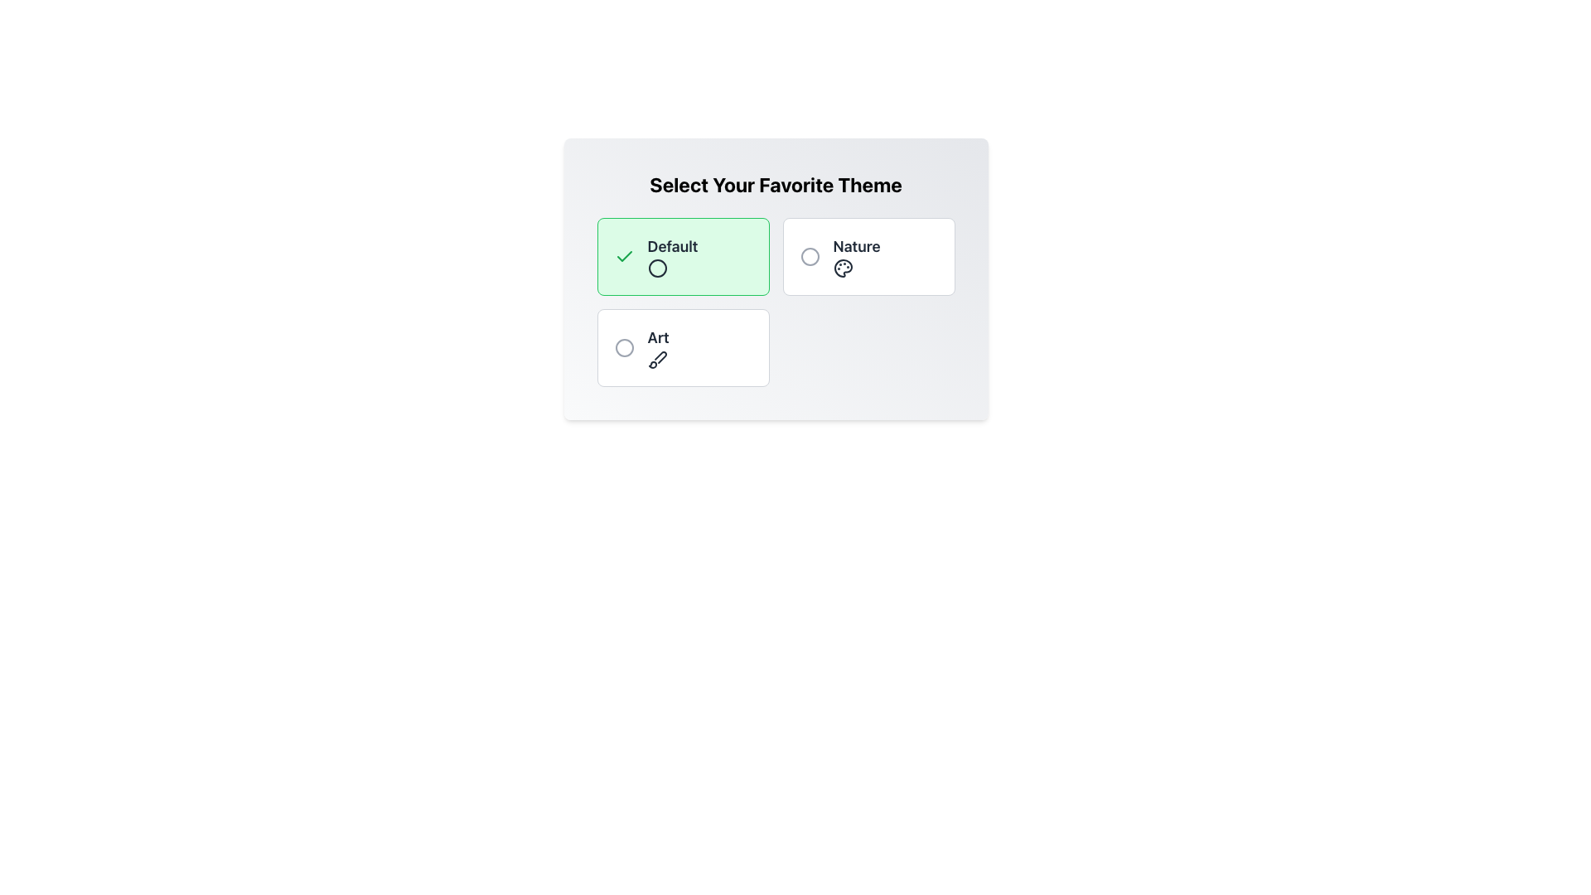 Image resolution: width=1591 pixels, height=895 pixels. Describe the element at coordinates (657, 347) in the screenshot. I see `the 'Art' theme label located in the bottom-left corner of the selection area, directly under the 'Default' option and to the left of the 'Nature' option` at that location.